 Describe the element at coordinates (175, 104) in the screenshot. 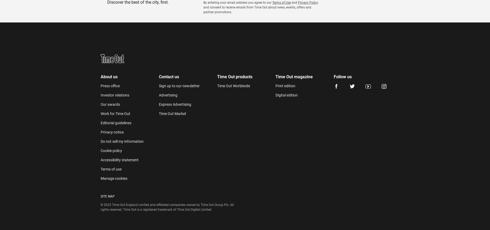

I see `'Express Advertising'` at that location.